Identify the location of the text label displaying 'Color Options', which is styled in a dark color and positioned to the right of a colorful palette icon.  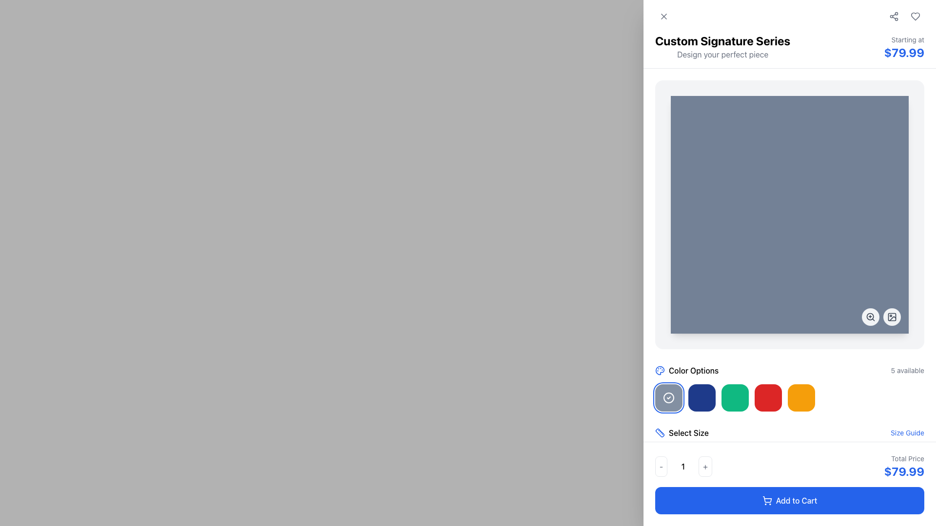
(693, 370).